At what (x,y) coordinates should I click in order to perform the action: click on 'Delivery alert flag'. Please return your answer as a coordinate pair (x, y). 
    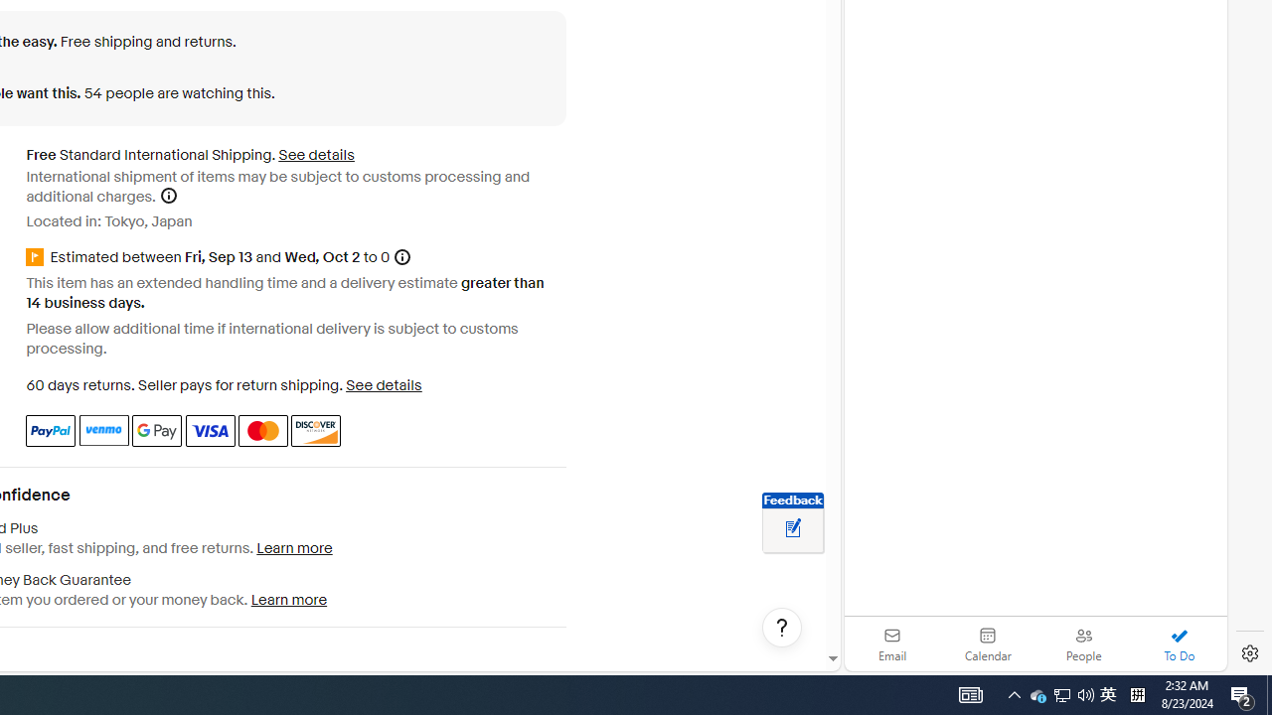
    Looking at the image, I should click on (38, 257).